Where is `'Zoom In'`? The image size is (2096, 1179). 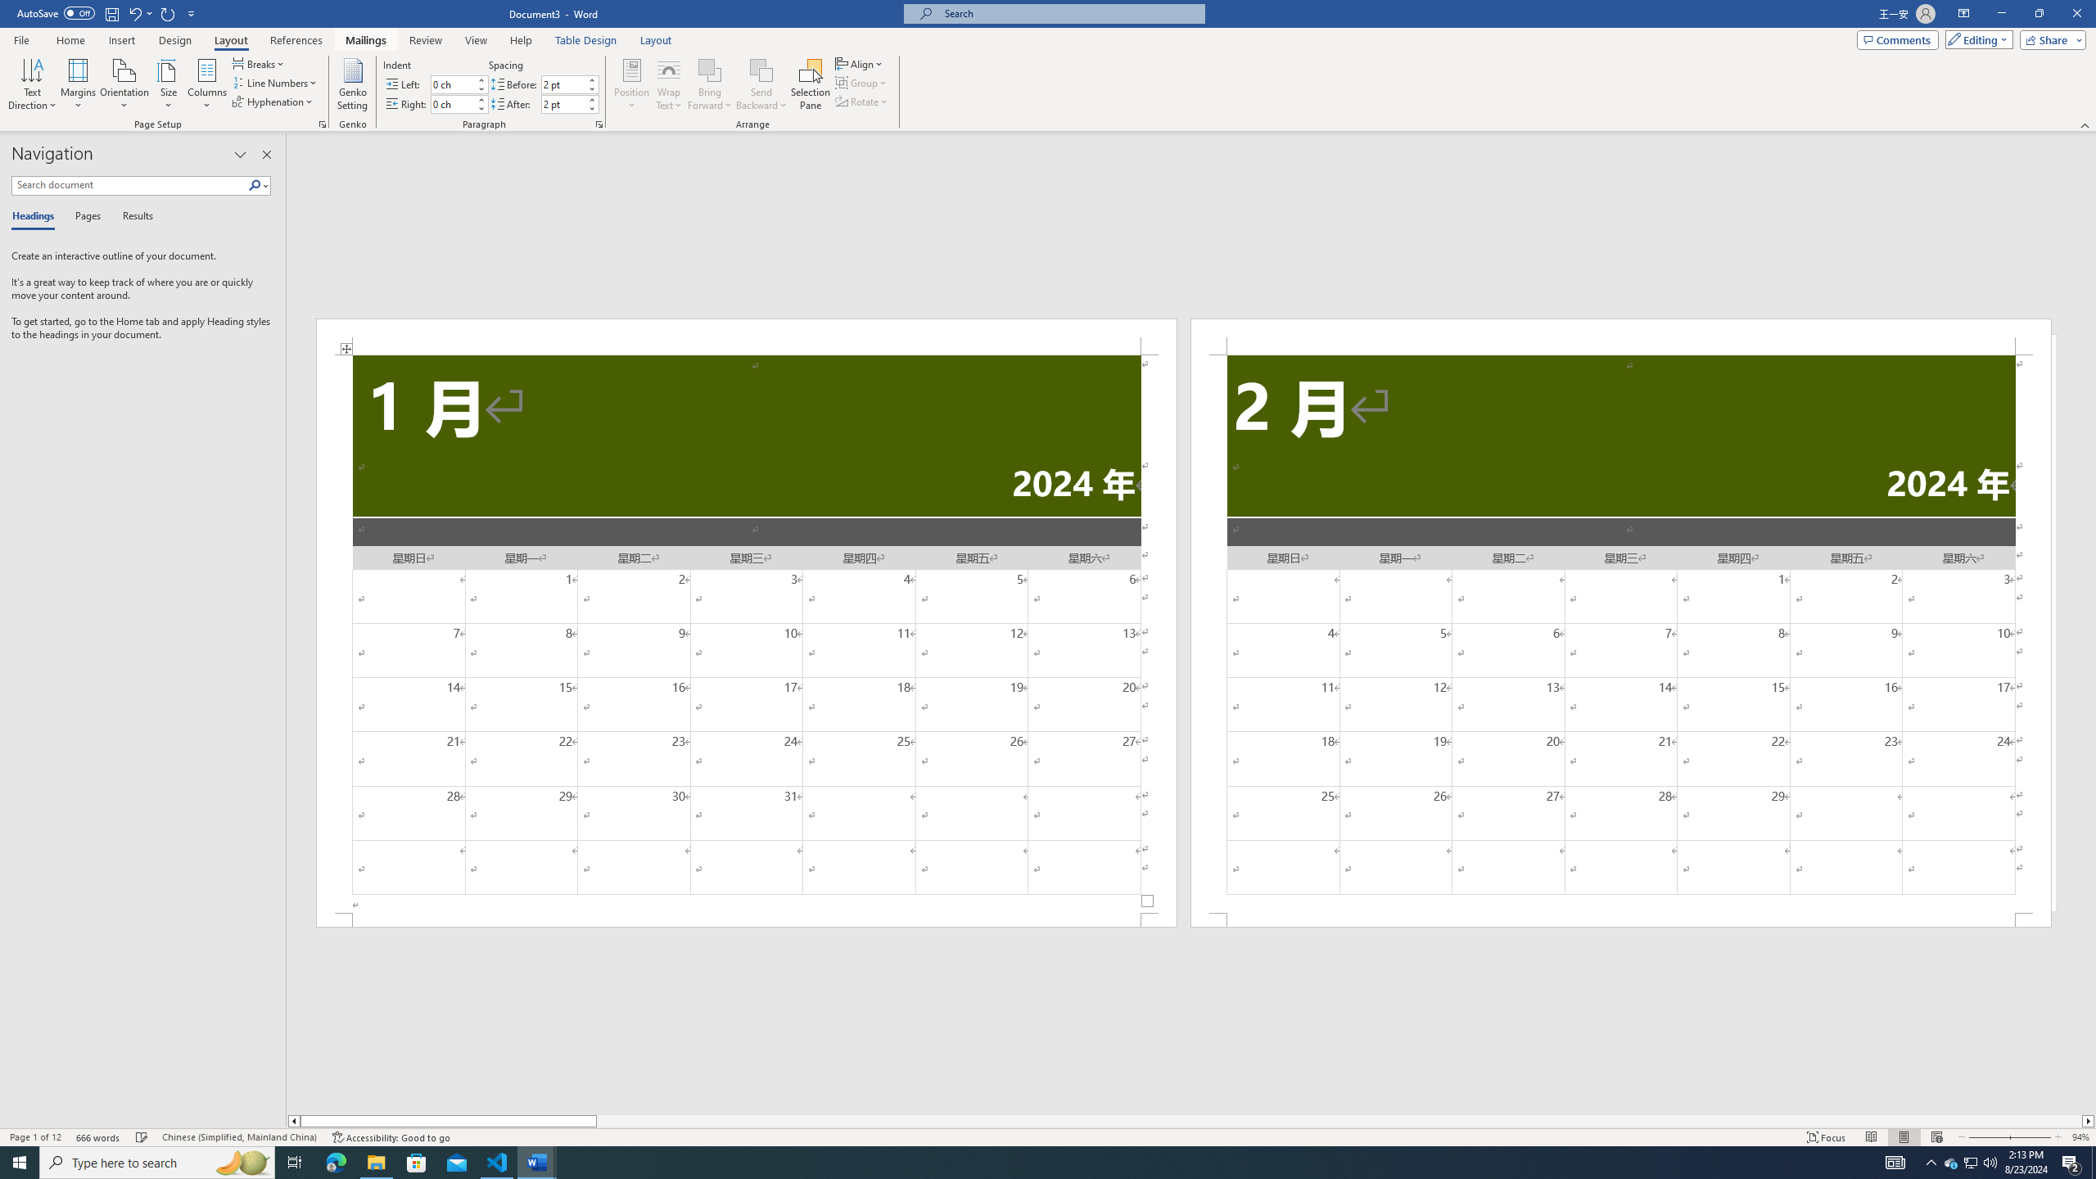
'Zoom In' is located at coordinates (2030, 1137).